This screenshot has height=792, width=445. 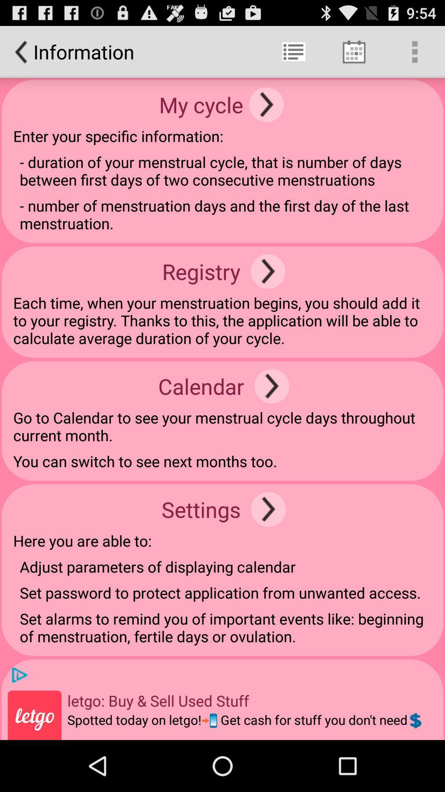 What do you see at coordinates (266, 104) in the screenshot?
I see `icon next to the my cycle` at bounding box center [266, 104].